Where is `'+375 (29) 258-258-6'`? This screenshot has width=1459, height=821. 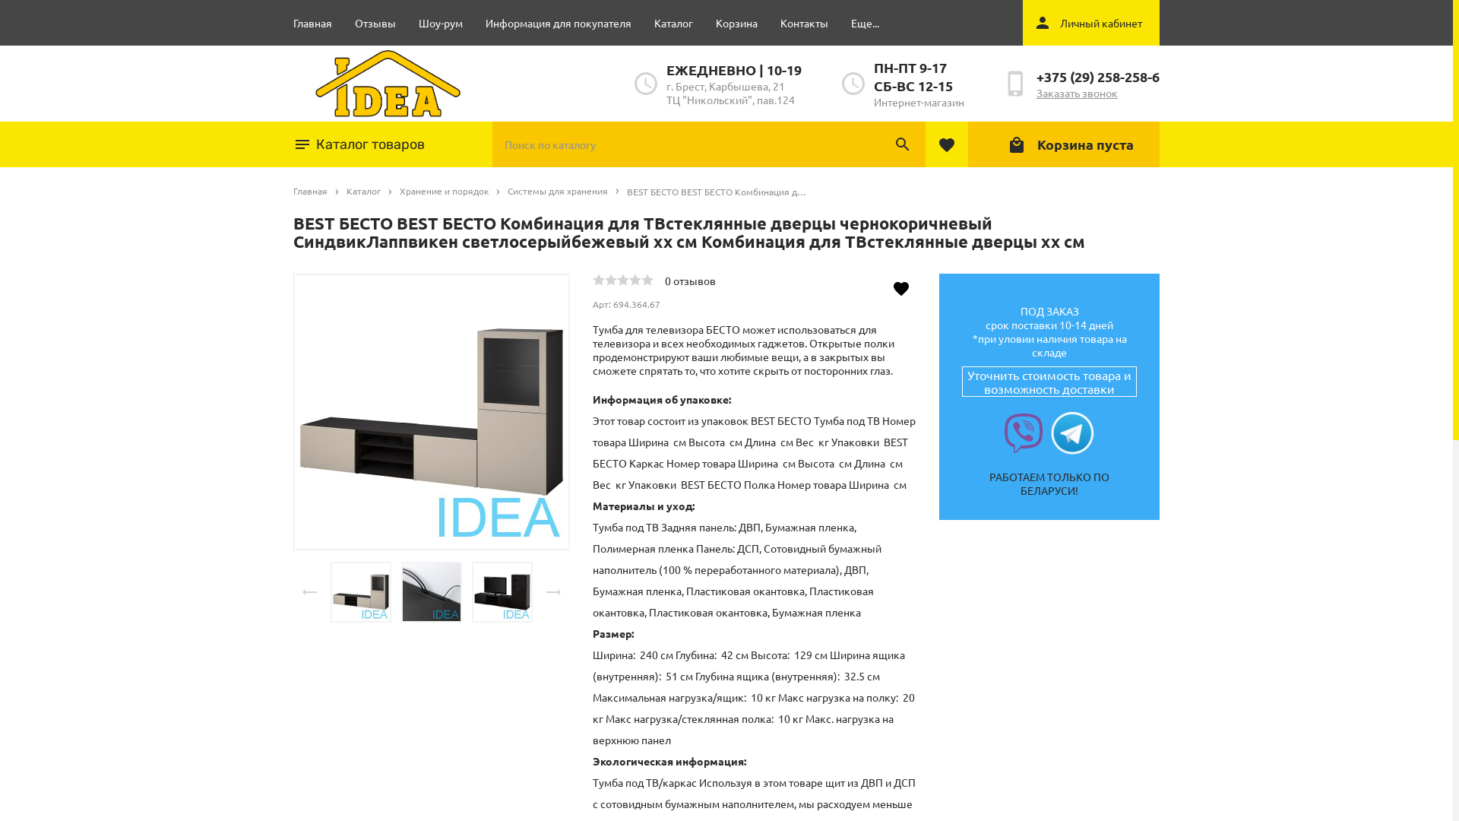 '+375 (29) 258-258-6' is located at coordinates (1097, 76).